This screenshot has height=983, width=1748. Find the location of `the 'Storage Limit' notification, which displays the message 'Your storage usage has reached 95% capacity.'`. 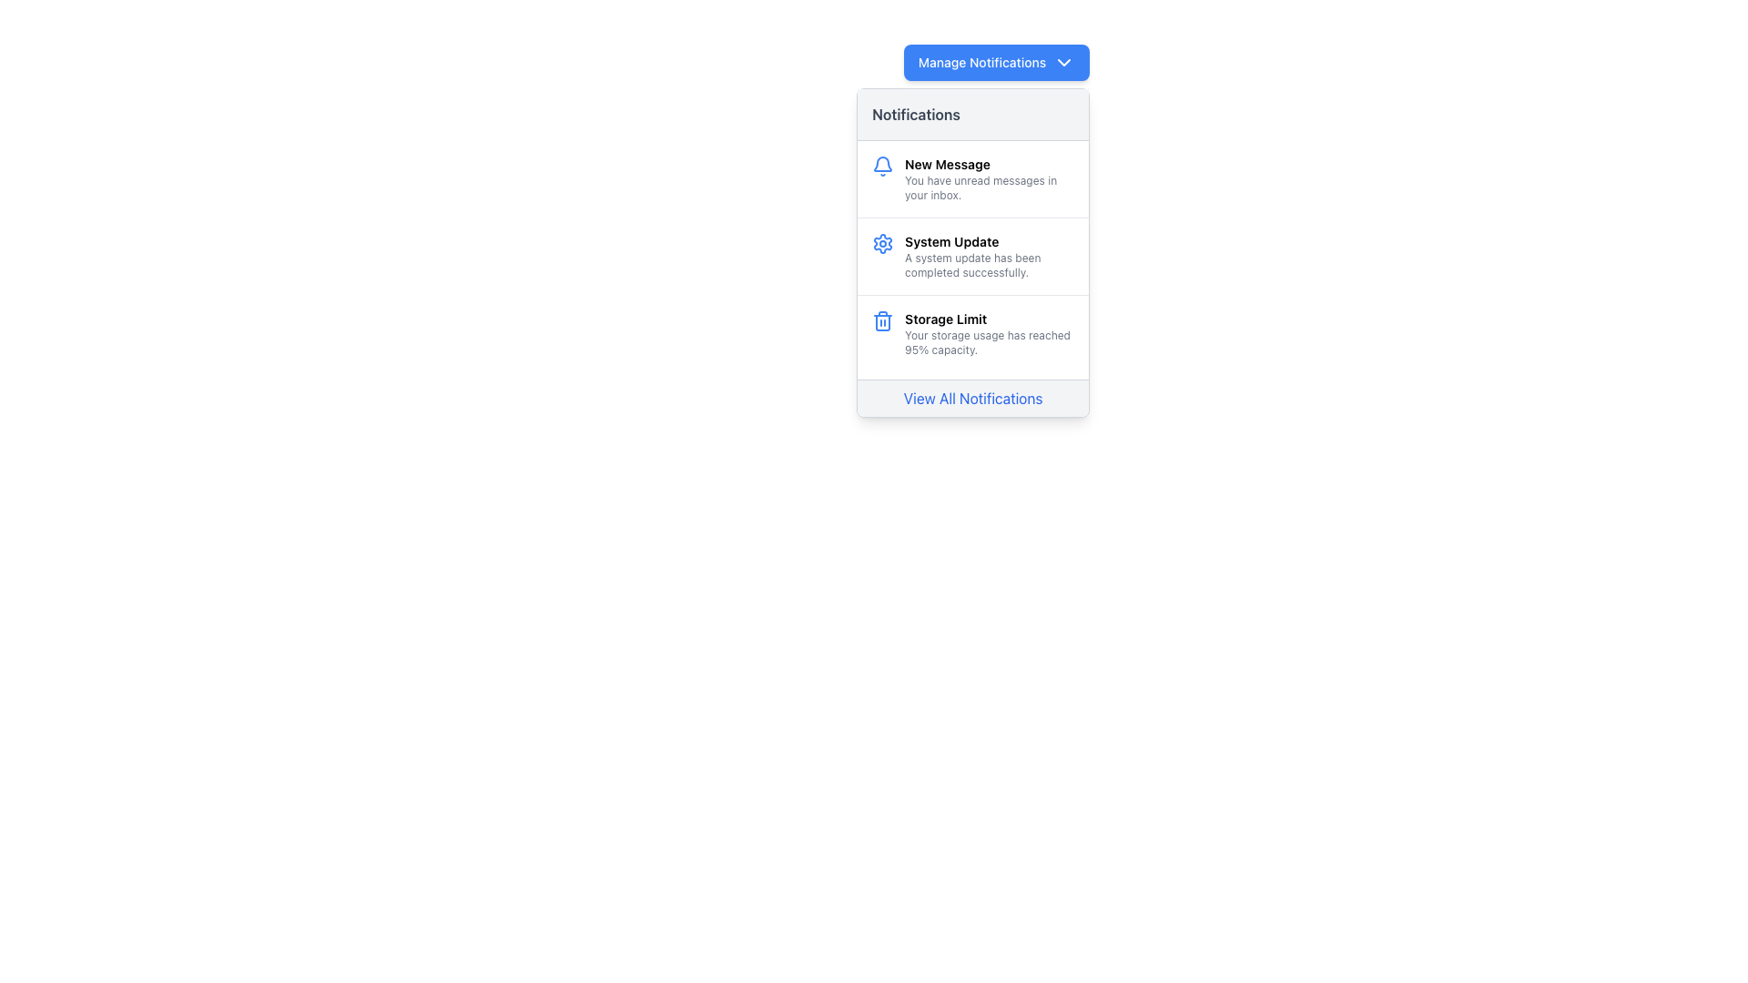

the 'Storage Limit' notification, which displays the message 'Your storage usage has reached 95% capacity.' is located at coordinates (989, 333).